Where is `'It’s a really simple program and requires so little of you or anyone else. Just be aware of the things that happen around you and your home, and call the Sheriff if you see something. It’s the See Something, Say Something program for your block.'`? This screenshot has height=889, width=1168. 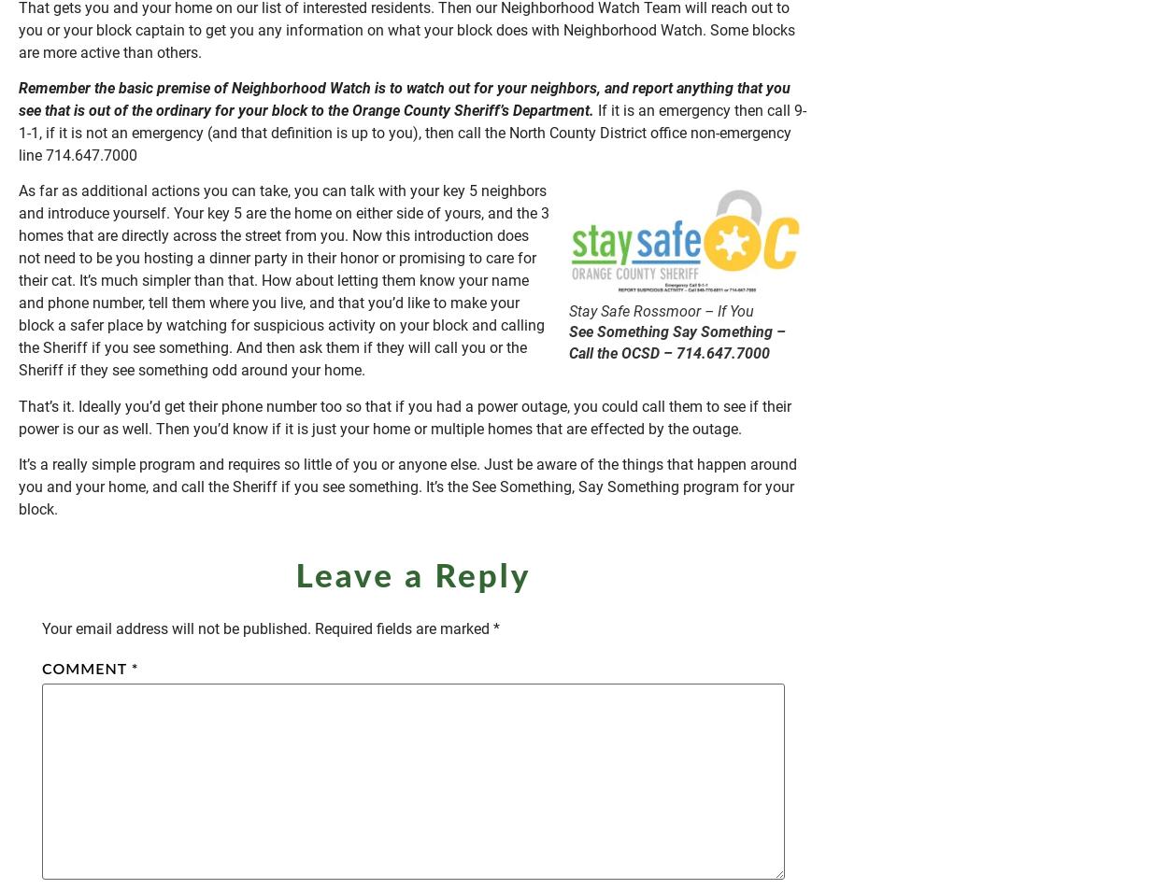
'It’s a really simple program and requires so little of you or anyone else. Just be aware of the things that happen around you and your home, and call the Sheriff if you see something. It’s the See Something, Say Something program for your block.' is located at coordinates (407, 487).